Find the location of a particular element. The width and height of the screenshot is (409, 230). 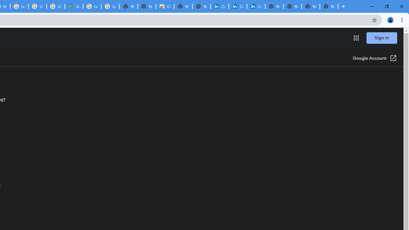

'Cookie Policy | LinkedIn' is located at coordinates (237, 6).